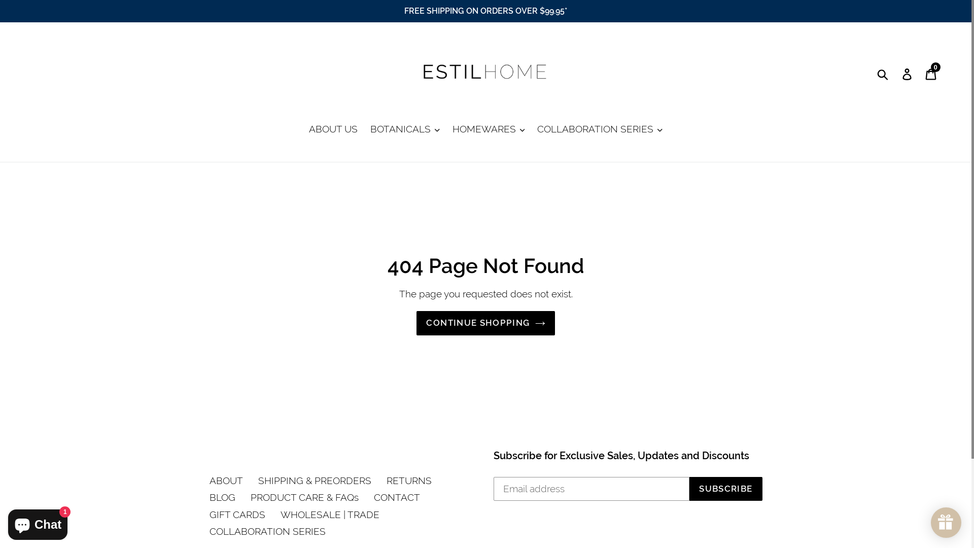 The height and width of the screenshot is (548, 974). I want to click on 'Submit', so click(883, 73).